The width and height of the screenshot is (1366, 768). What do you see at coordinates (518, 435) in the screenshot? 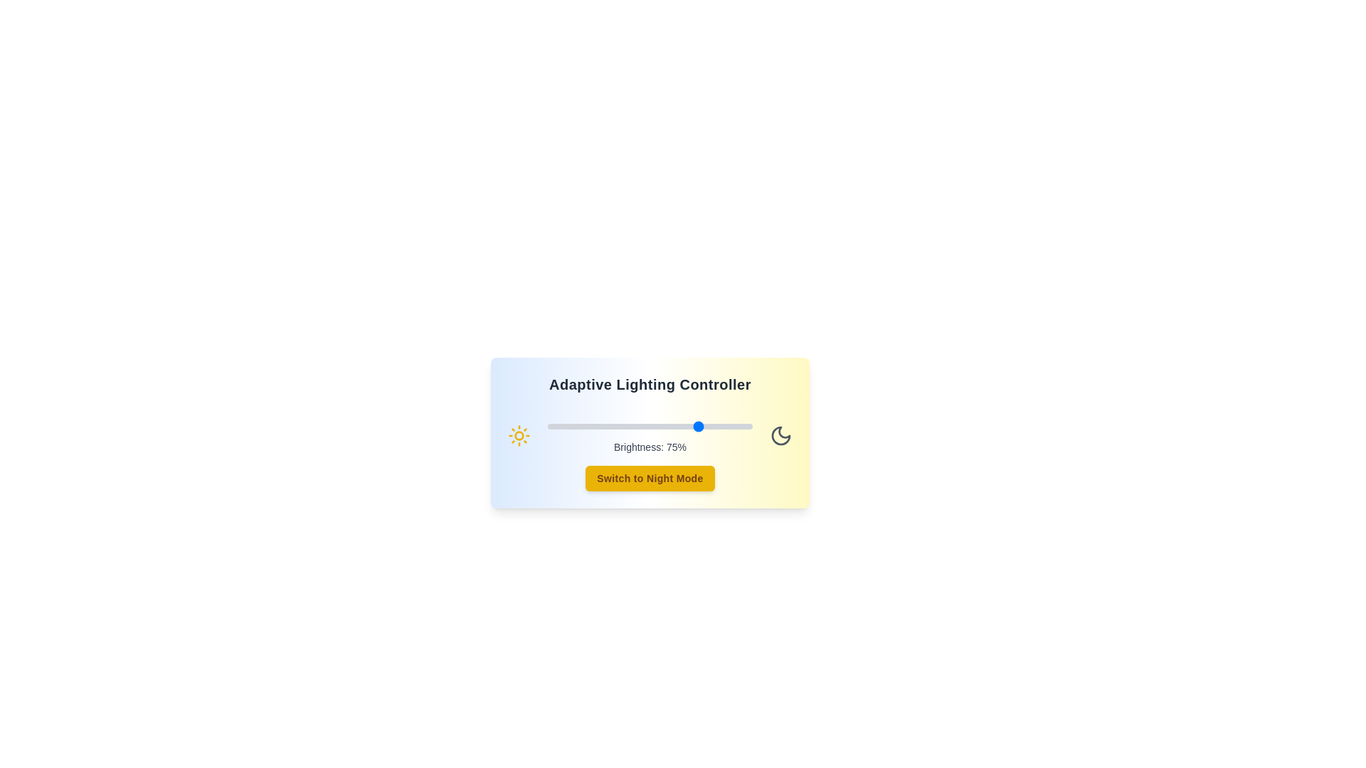
I see `the yellow sun icon located on the left side of the brightness control section` at bounding box center [518, 435].